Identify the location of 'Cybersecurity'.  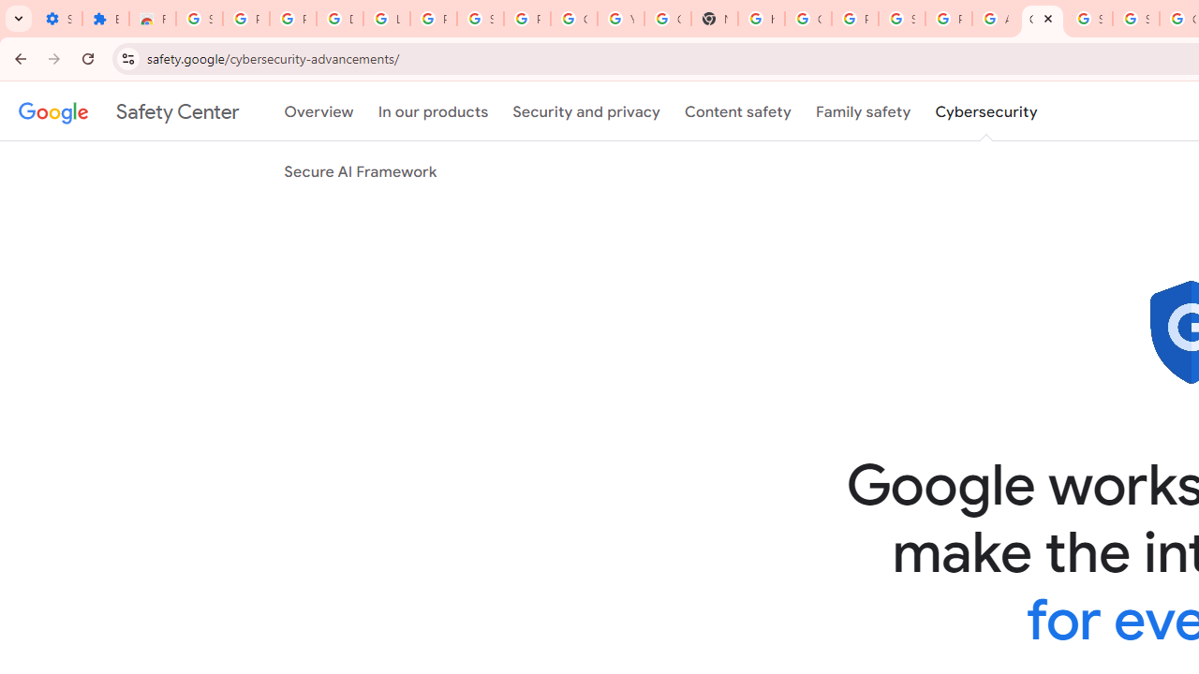
(985, 111).